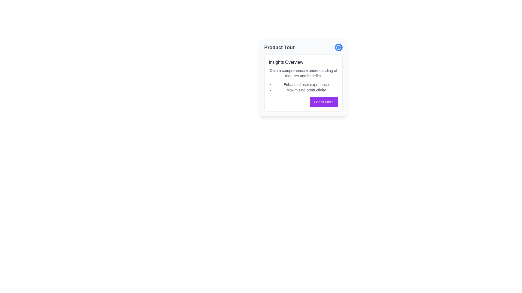 This screenshot has width=522, height=293. What do you see at coordinates (303, 73) in the screenshot?
I see `the Informational Text element styled with a small font size and gray color, located directly below the heading 'Insights Overview' within a card-like section` at bounding box center [303, 73].